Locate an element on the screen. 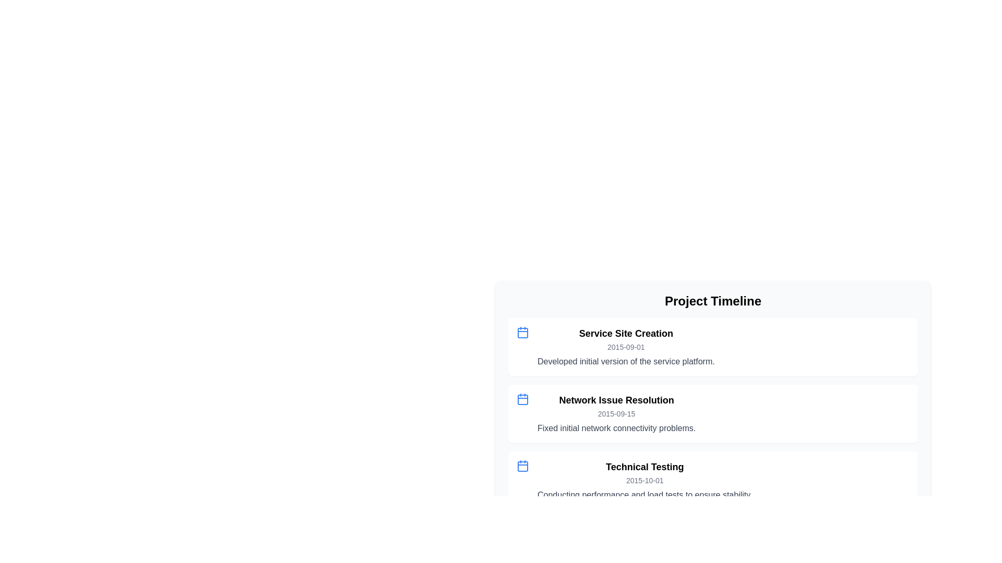 This screenshot has height=563, width=1002. the informative card displaying details about a milestone or event in the 'Project Timeline' section is located at coordinates (626, 347).